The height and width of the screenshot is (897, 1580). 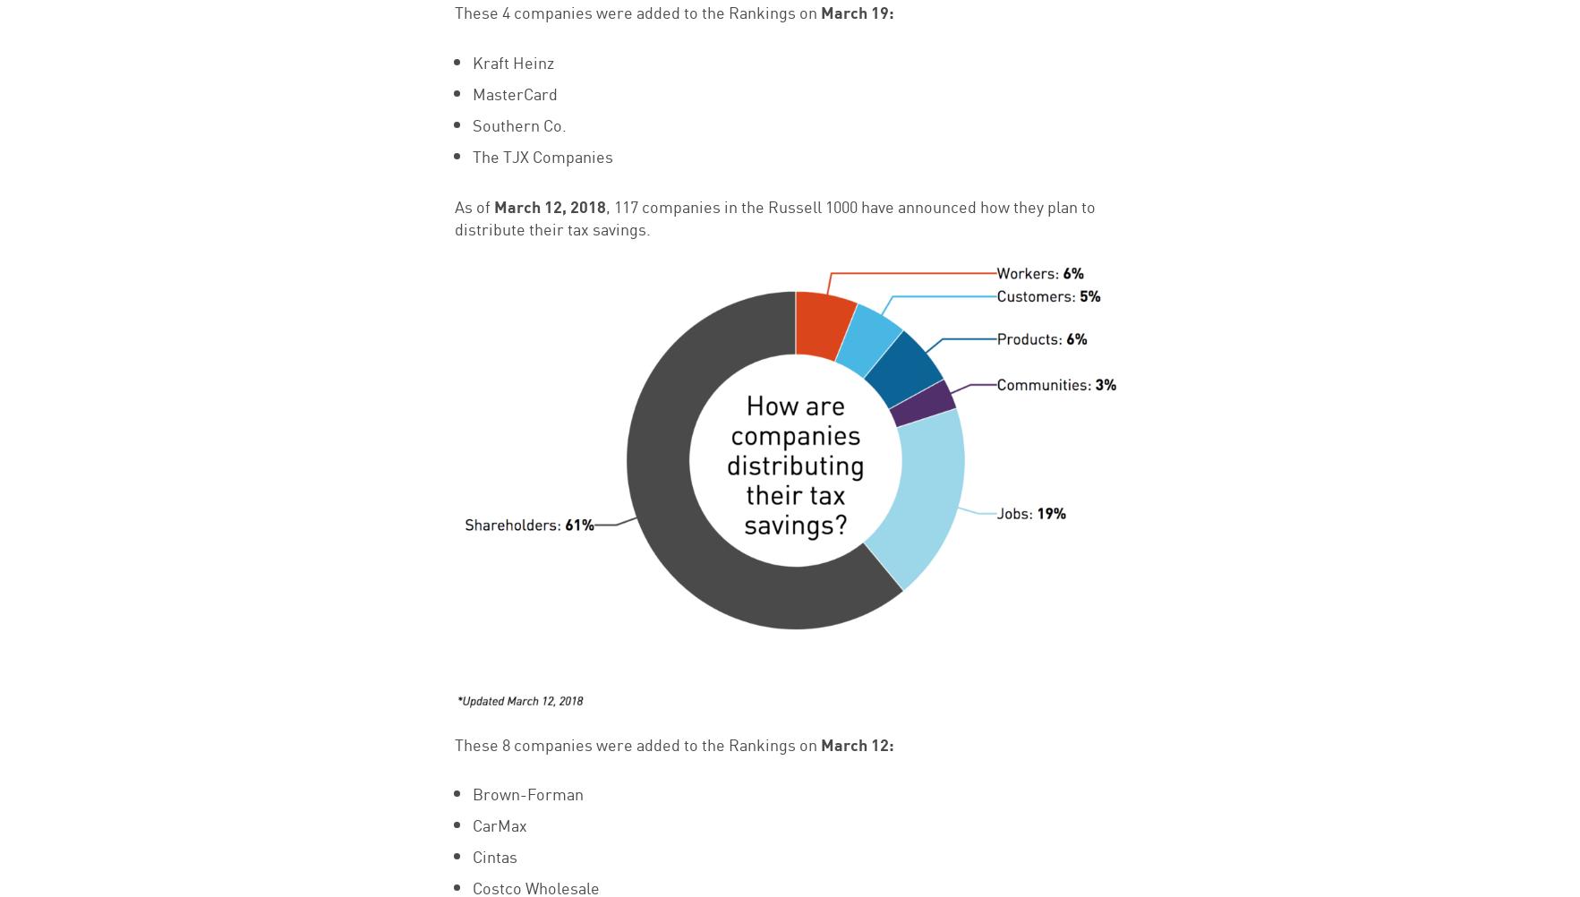 I want to click on 'MasterCard', so click(x=513, y=91).